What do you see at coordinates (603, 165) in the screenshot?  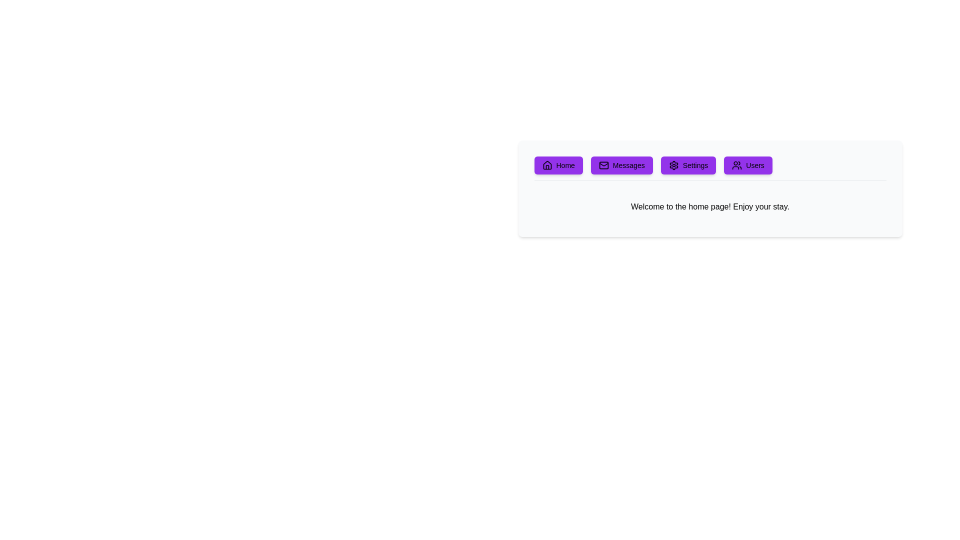 I see `the decorative icon representing the 'Messages' option in the navigation menu, which is positioned to the left of the text label 'Messages'` at bounding box center [603, 165].